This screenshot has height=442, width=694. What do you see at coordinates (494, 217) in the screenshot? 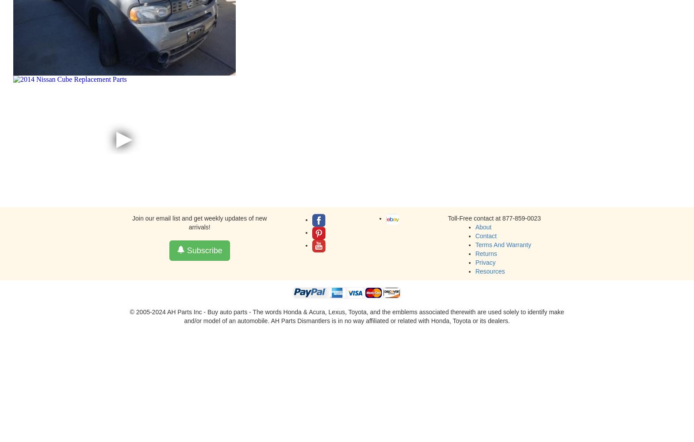
I see `'Toll-Free contact at 877-859-0023'` at bounding box center [494, 217].